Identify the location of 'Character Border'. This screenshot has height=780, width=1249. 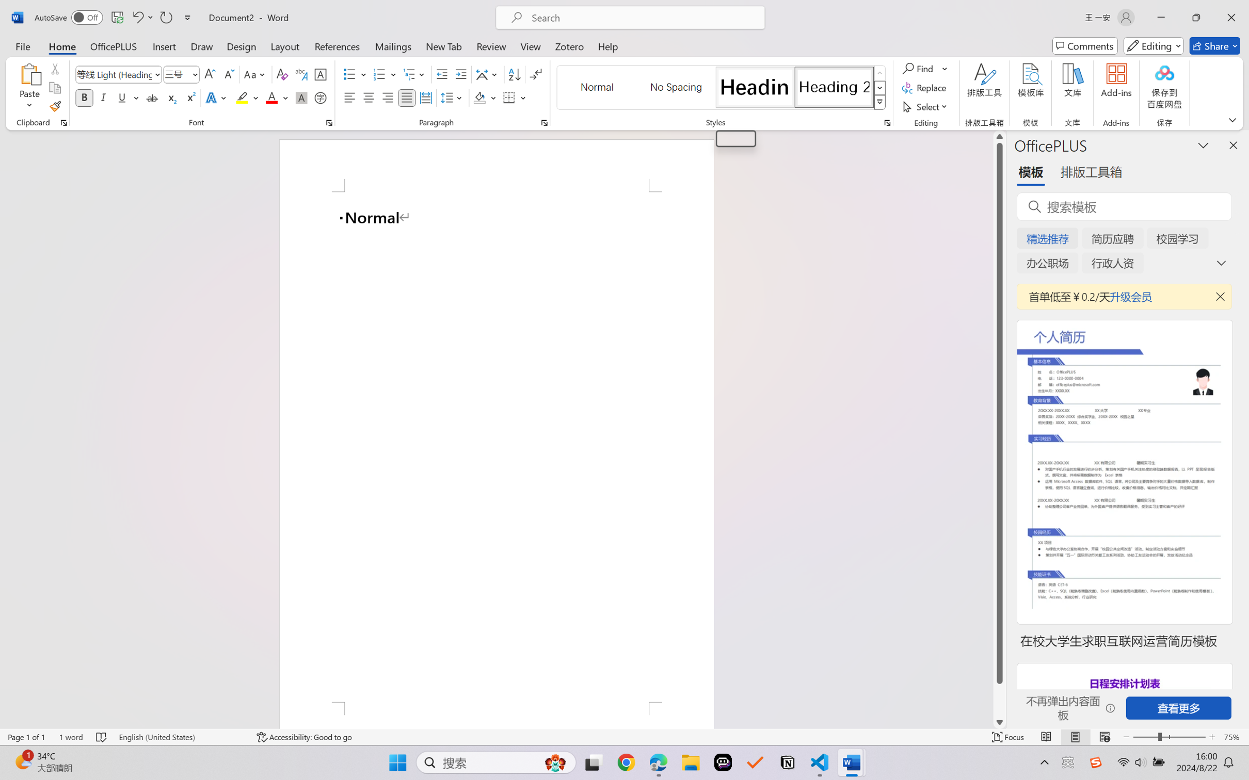
(321, 74).